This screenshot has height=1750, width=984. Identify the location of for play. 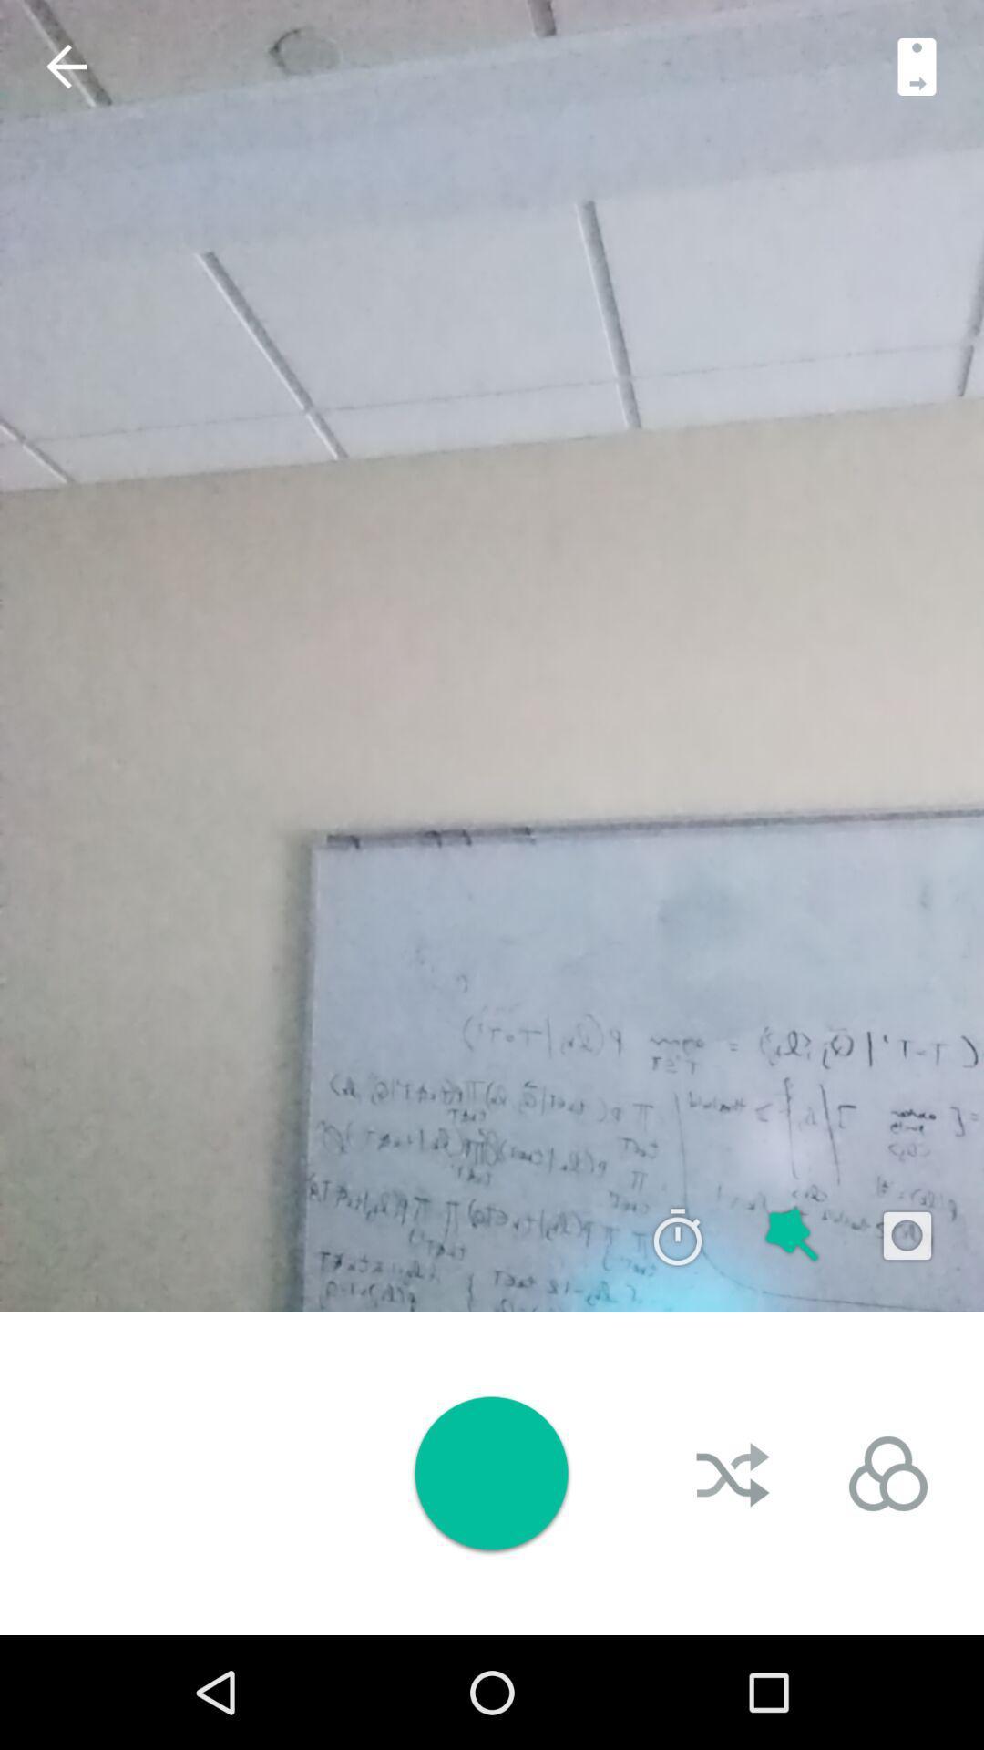
(490, 1473).